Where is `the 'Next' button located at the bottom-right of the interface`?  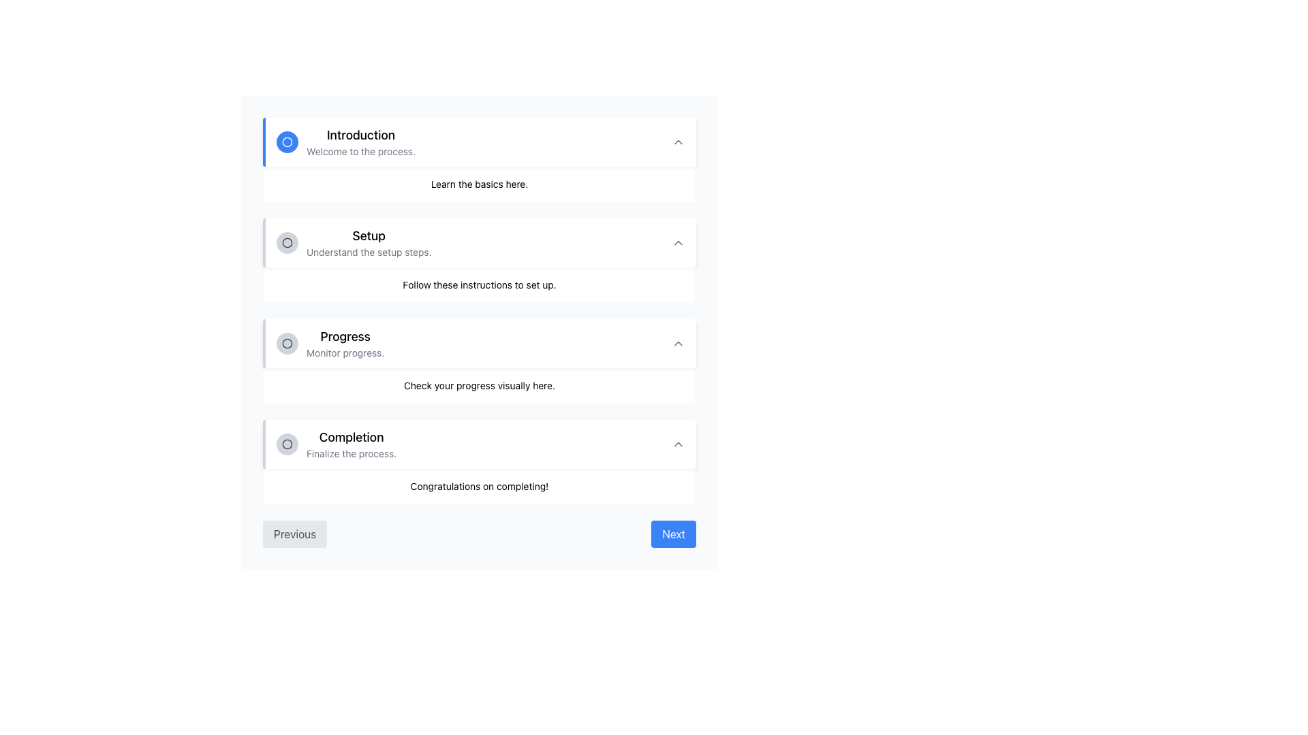
the 'Next' button located at the bottom-right of the interface is located at coordinates (674, 534).